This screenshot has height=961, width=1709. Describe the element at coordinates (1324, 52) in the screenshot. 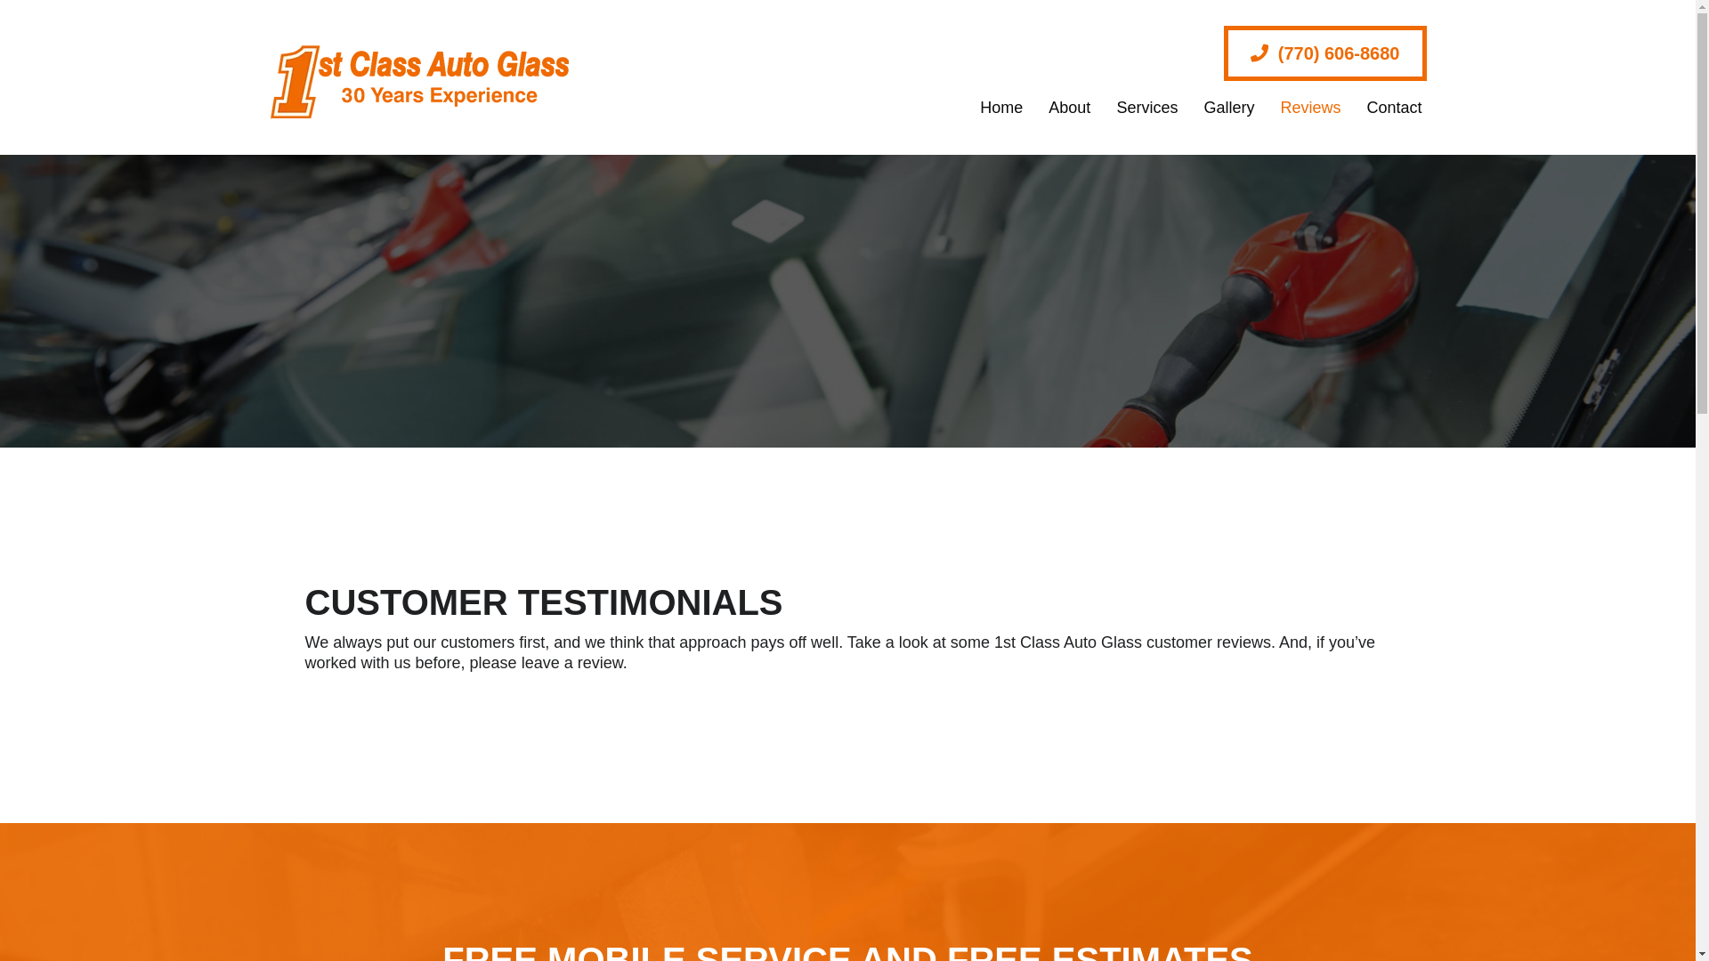

I see `'  (770) 606-8680'` at that location.